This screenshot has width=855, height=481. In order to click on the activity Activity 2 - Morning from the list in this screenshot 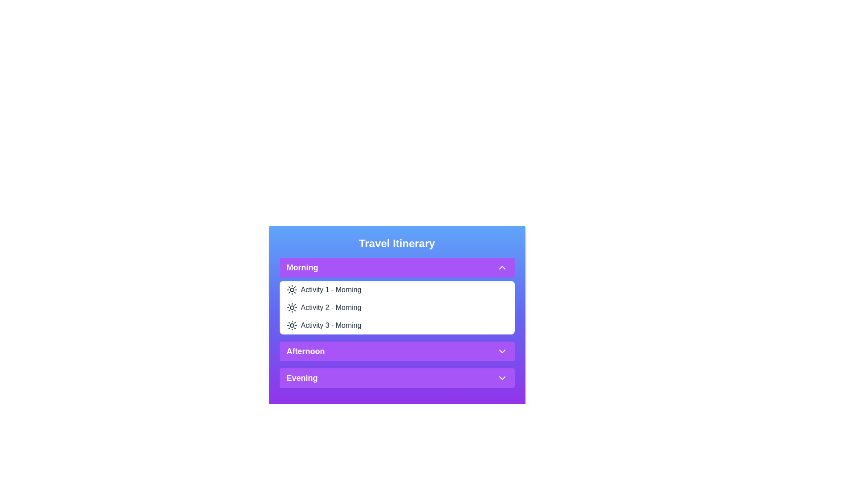, I will do `click(330, 307)`.